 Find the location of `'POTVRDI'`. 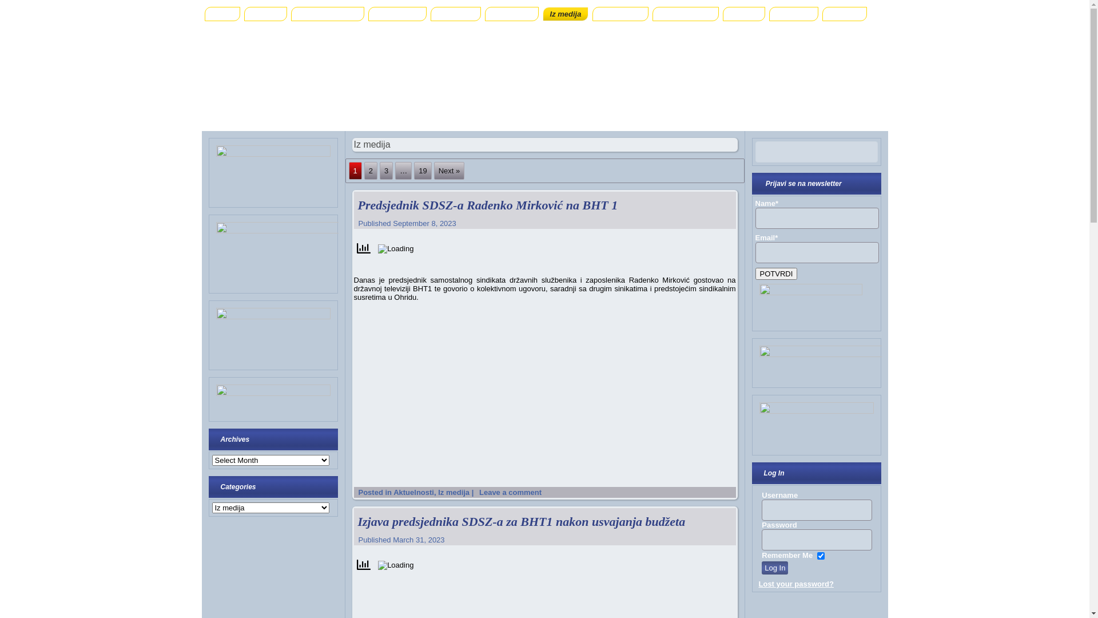

'POTVRDI' is located at coordinates (755, 274).